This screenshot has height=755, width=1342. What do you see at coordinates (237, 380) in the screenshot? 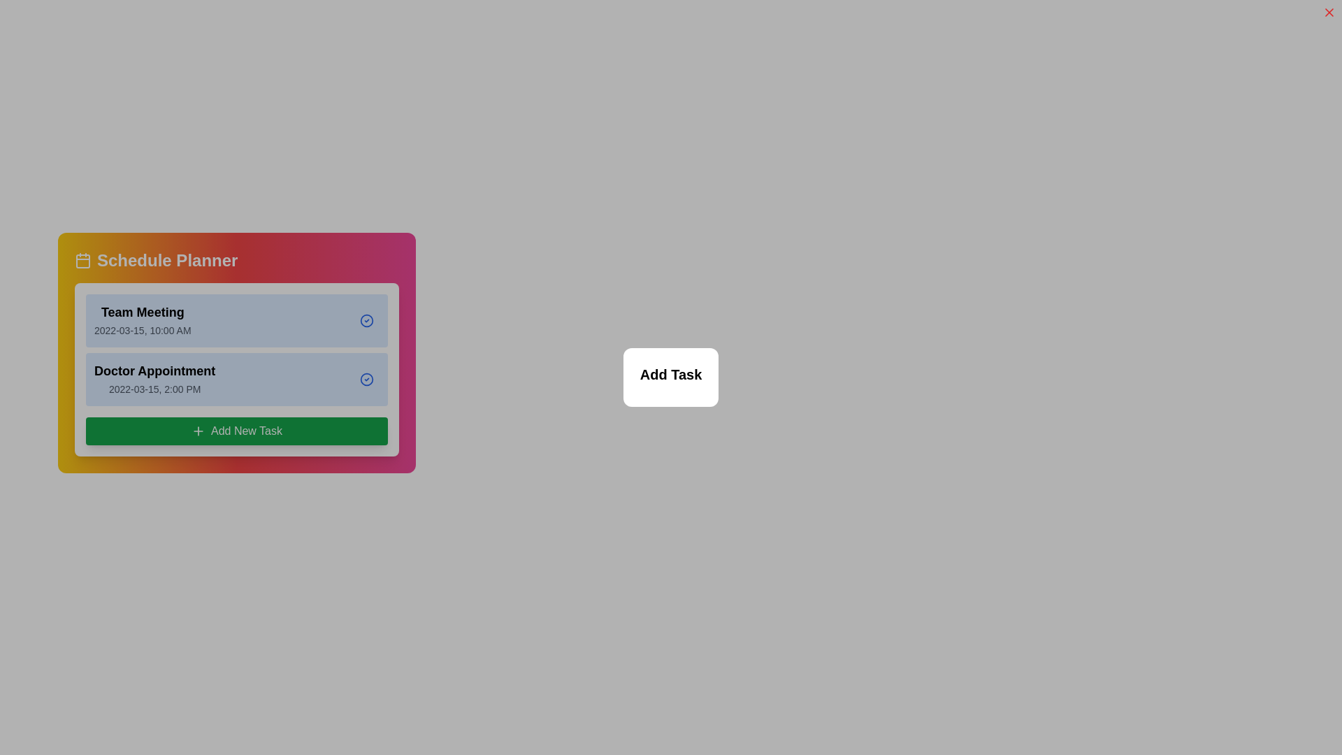
I see `the second task card in the Schedule Planner, which details an appointment event` at bounding box center [237, 380].